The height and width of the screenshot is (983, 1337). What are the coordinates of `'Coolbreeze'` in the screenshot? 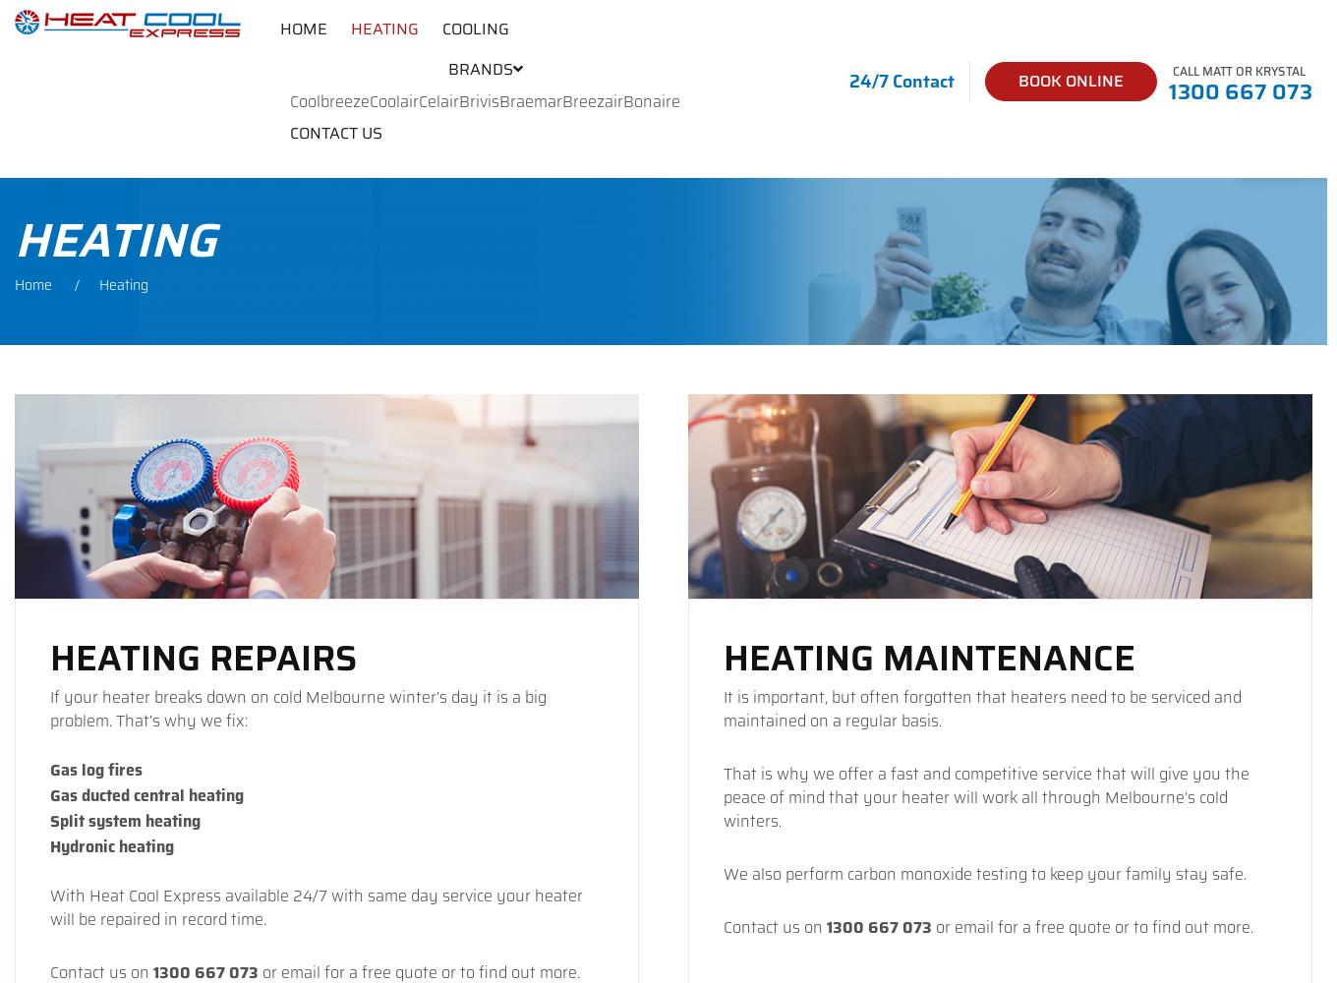 It's located at (328, 100).